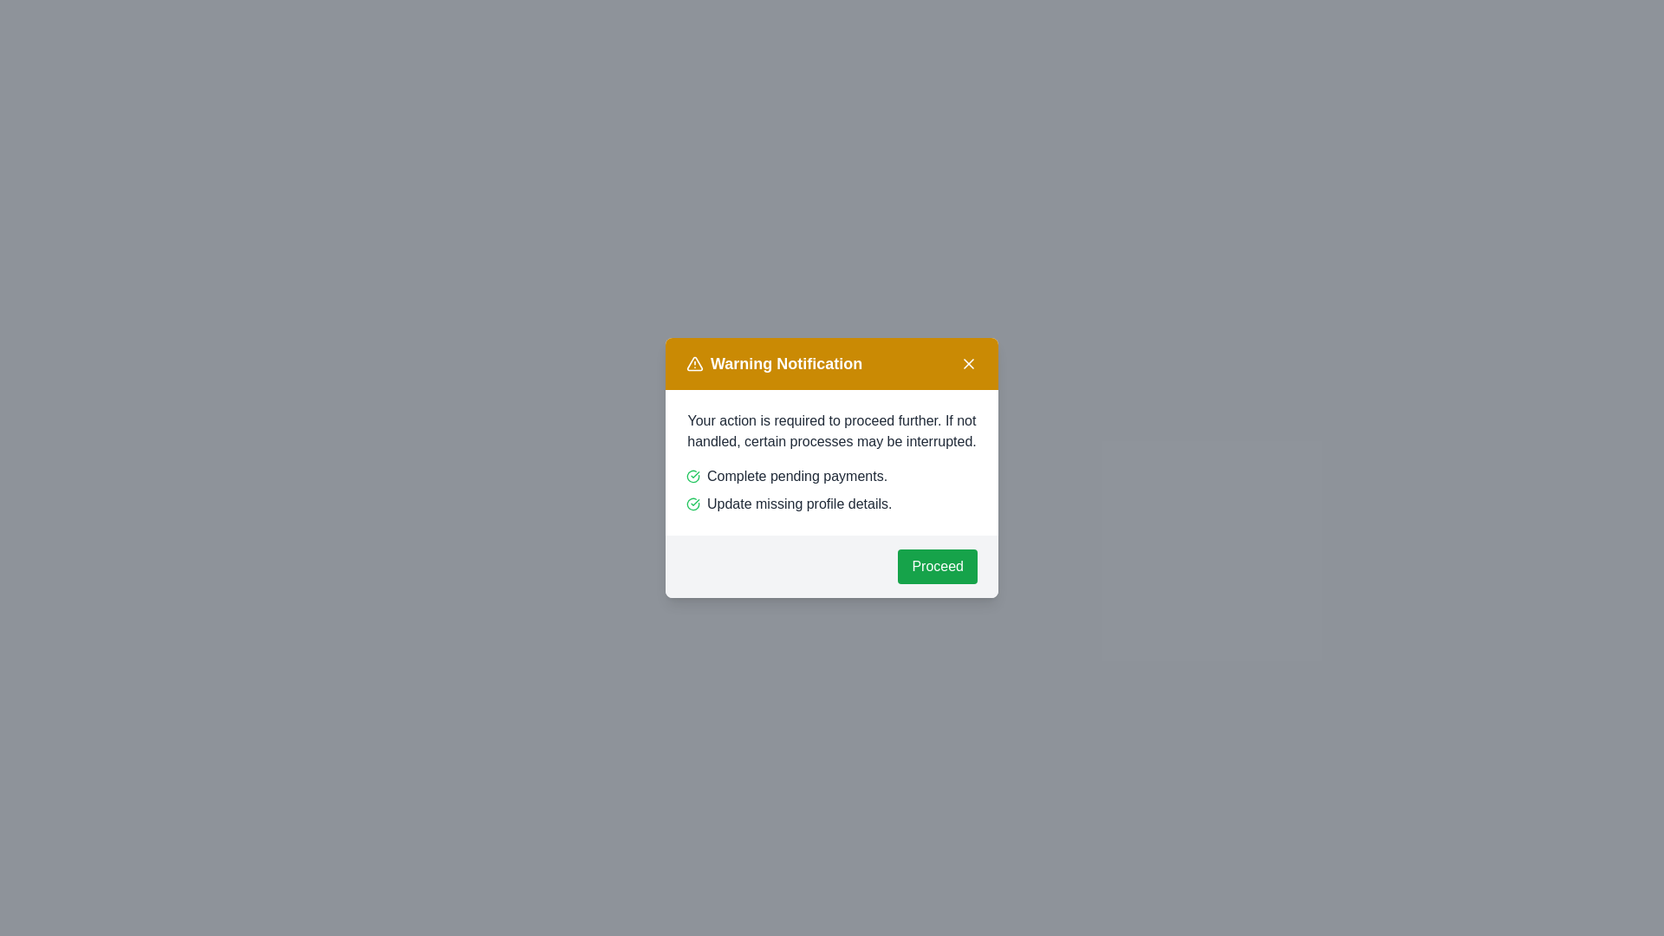  I want to click on the title text of the notification popup, which is located to the right of the alert triangle icon, so click(773, 363).